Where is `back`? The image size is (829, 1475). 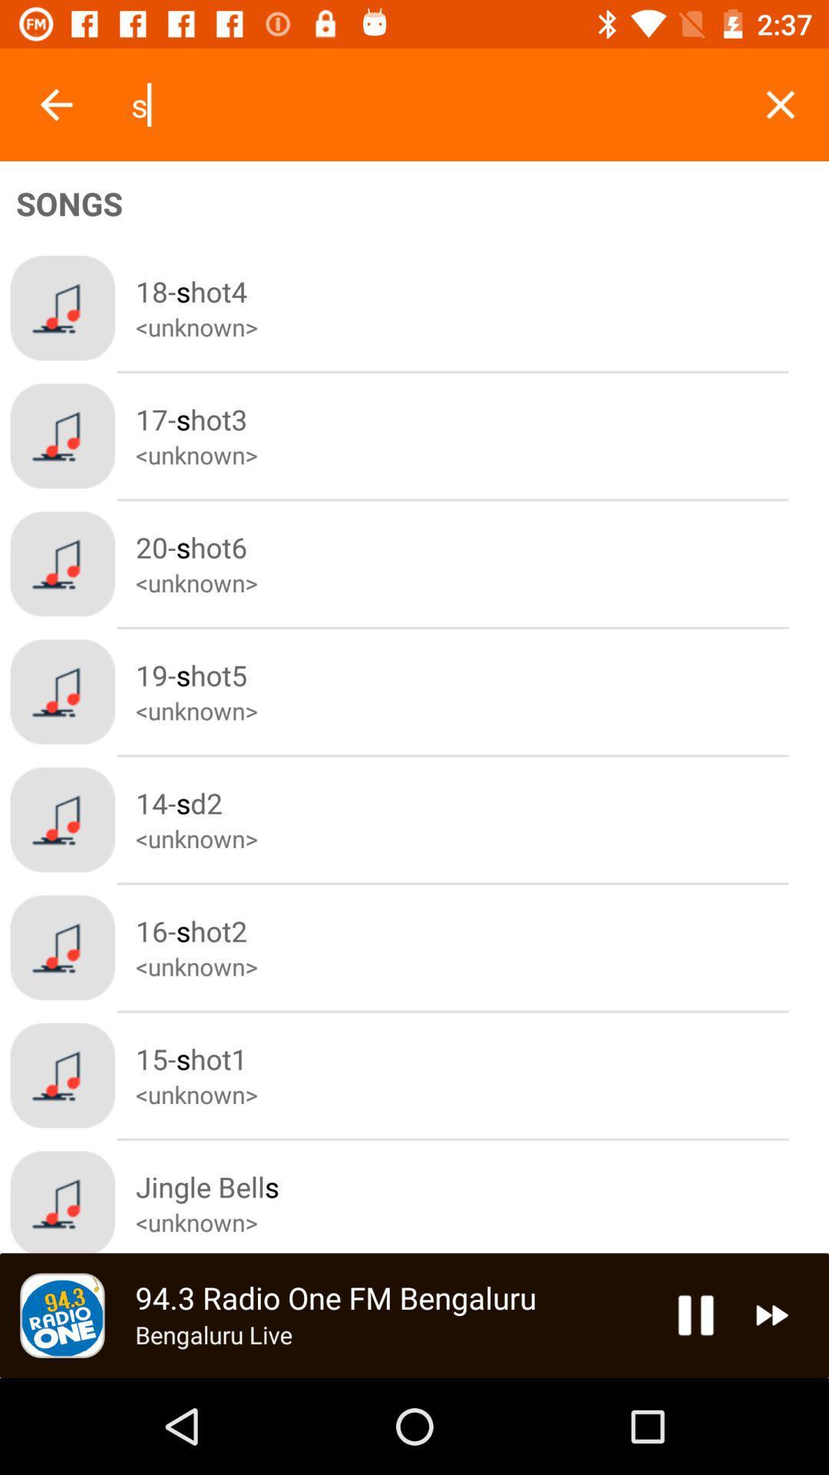 back is located at coordinates (55, 104).